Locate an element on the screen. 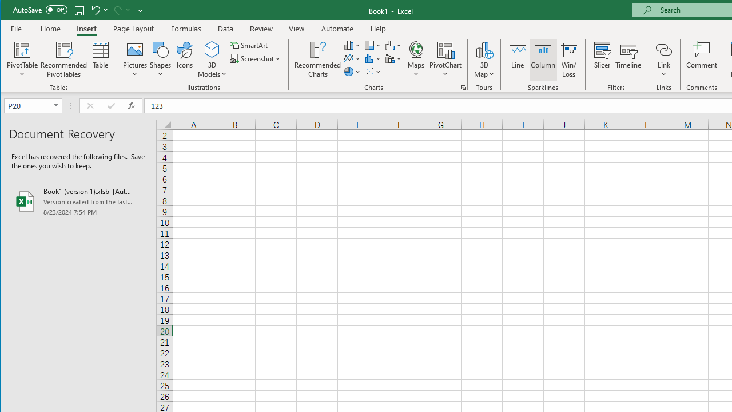  'Icons' is located at coordinates (185, 60).